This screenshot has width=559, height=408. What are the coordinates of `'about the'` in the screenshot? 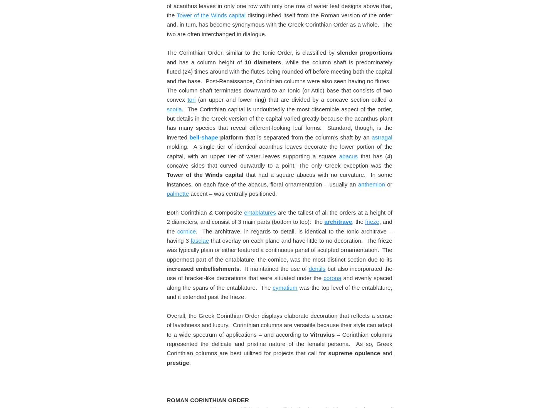 It's located at (366, 47).